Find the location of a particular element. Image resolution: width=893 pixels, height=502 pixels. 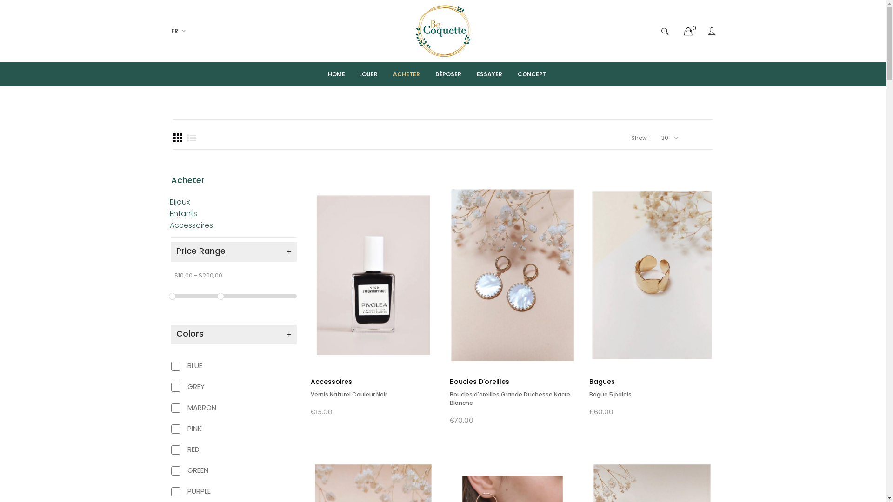

'ESSAYER' is located at coordinates (465, 73).